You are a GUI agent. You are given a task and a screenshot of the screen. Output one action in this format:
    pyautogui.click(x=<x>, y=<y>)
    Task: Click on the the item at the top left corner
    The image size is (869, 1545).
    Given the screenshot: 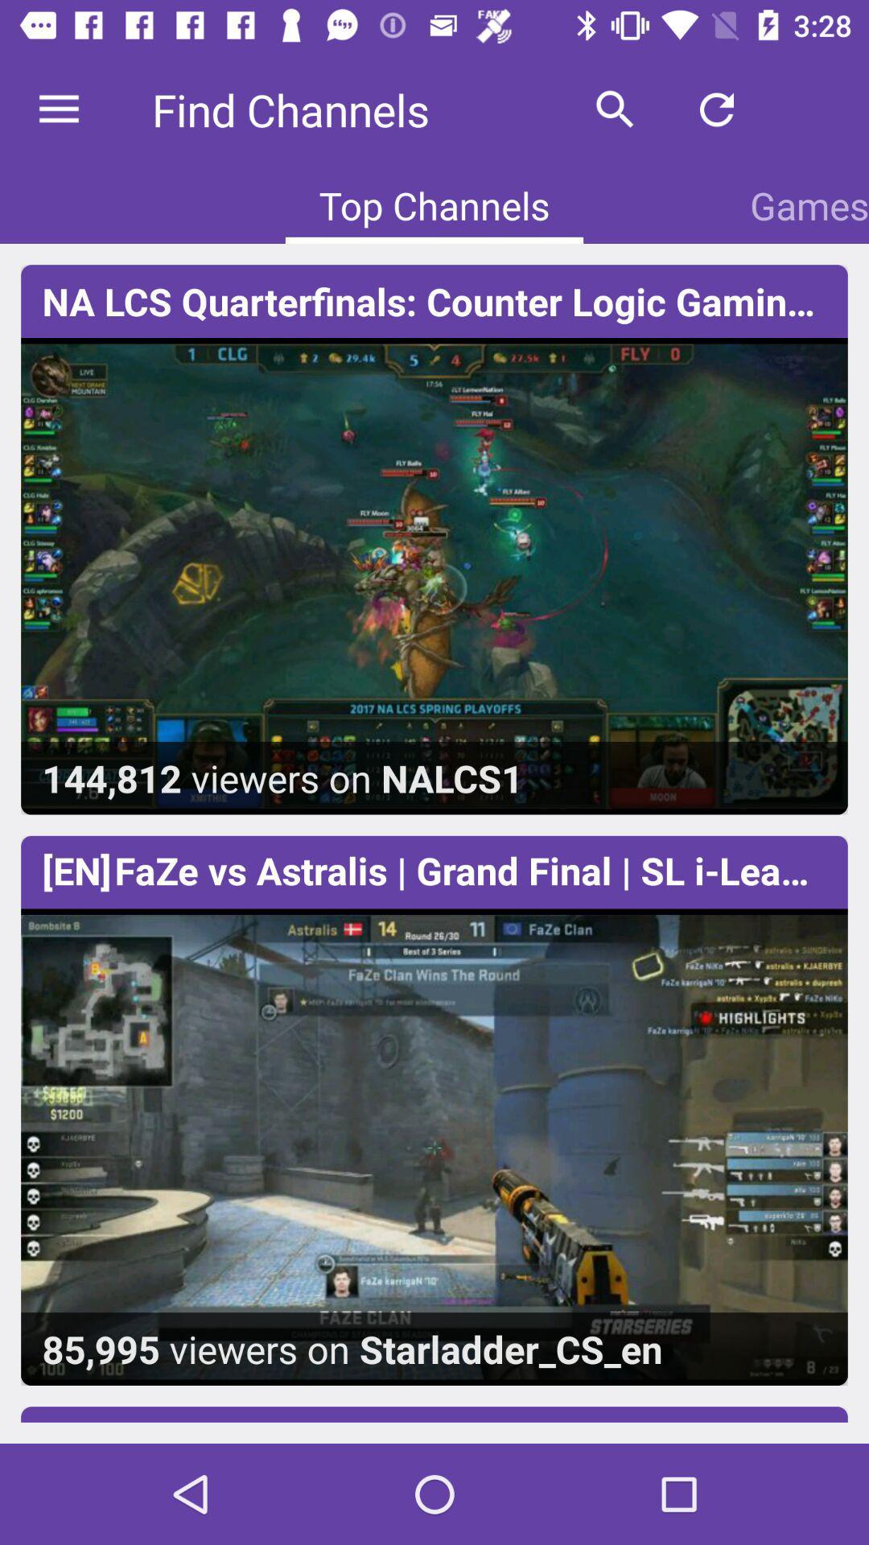 What is the action you would take?
    pyautogui.click(x=58, y=109)
    